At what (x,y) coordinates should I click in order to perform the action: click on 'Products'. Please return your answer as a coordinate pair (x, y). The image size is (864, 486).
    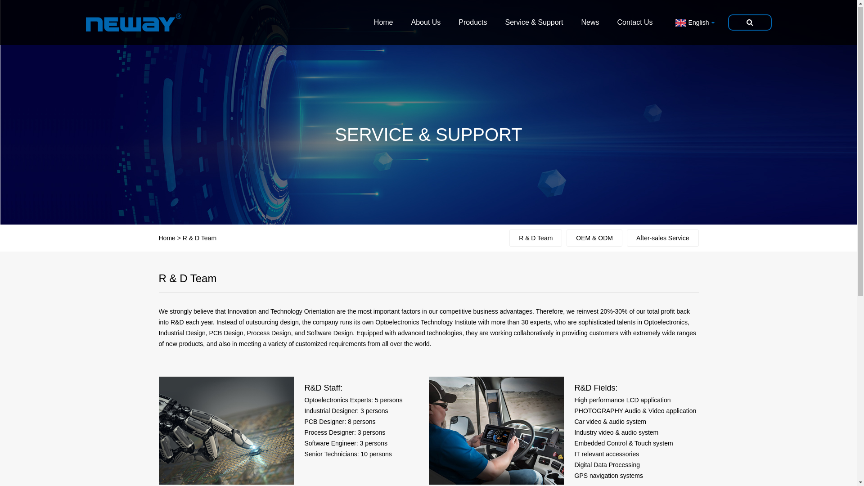
    Looking at the image, I should click on (472, 22).